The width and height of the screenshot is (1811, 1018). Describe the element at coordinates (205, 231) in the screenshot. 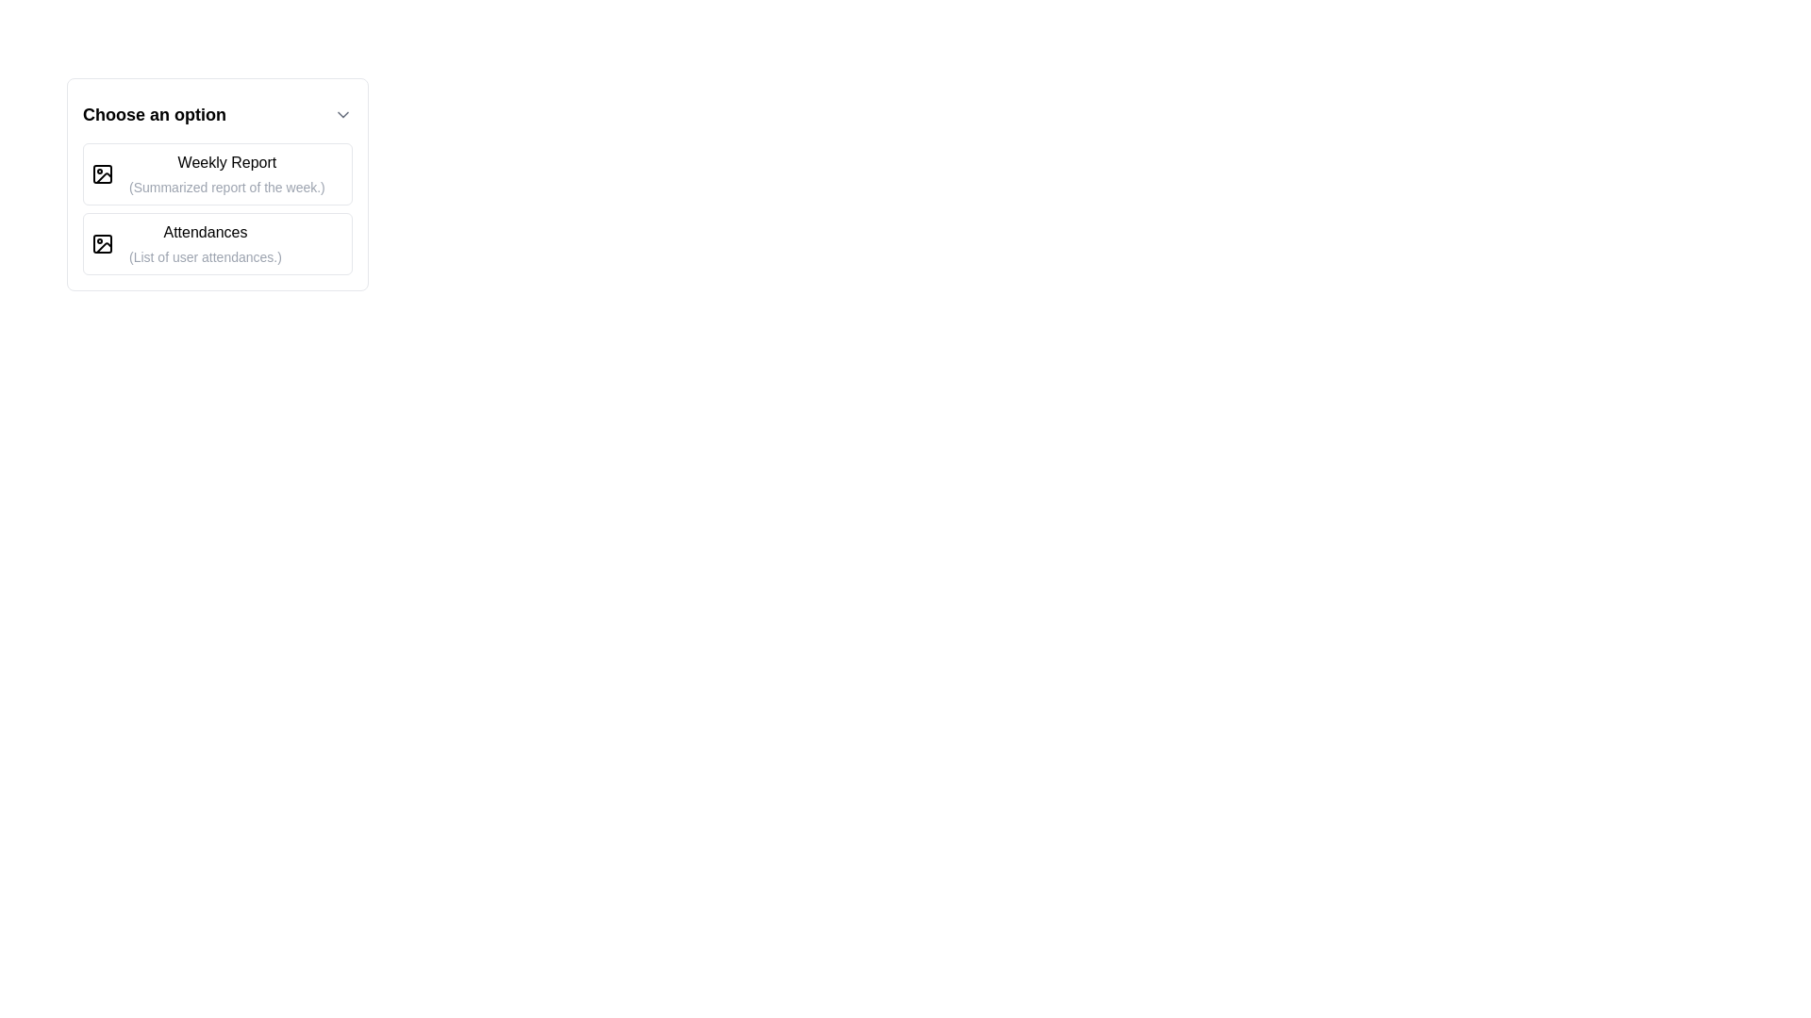

I see `text label displaying 'Attendances', which is a bold, sans-serif font and positioned prominently next to an icon, located below 'Weekly Report'` at that location.